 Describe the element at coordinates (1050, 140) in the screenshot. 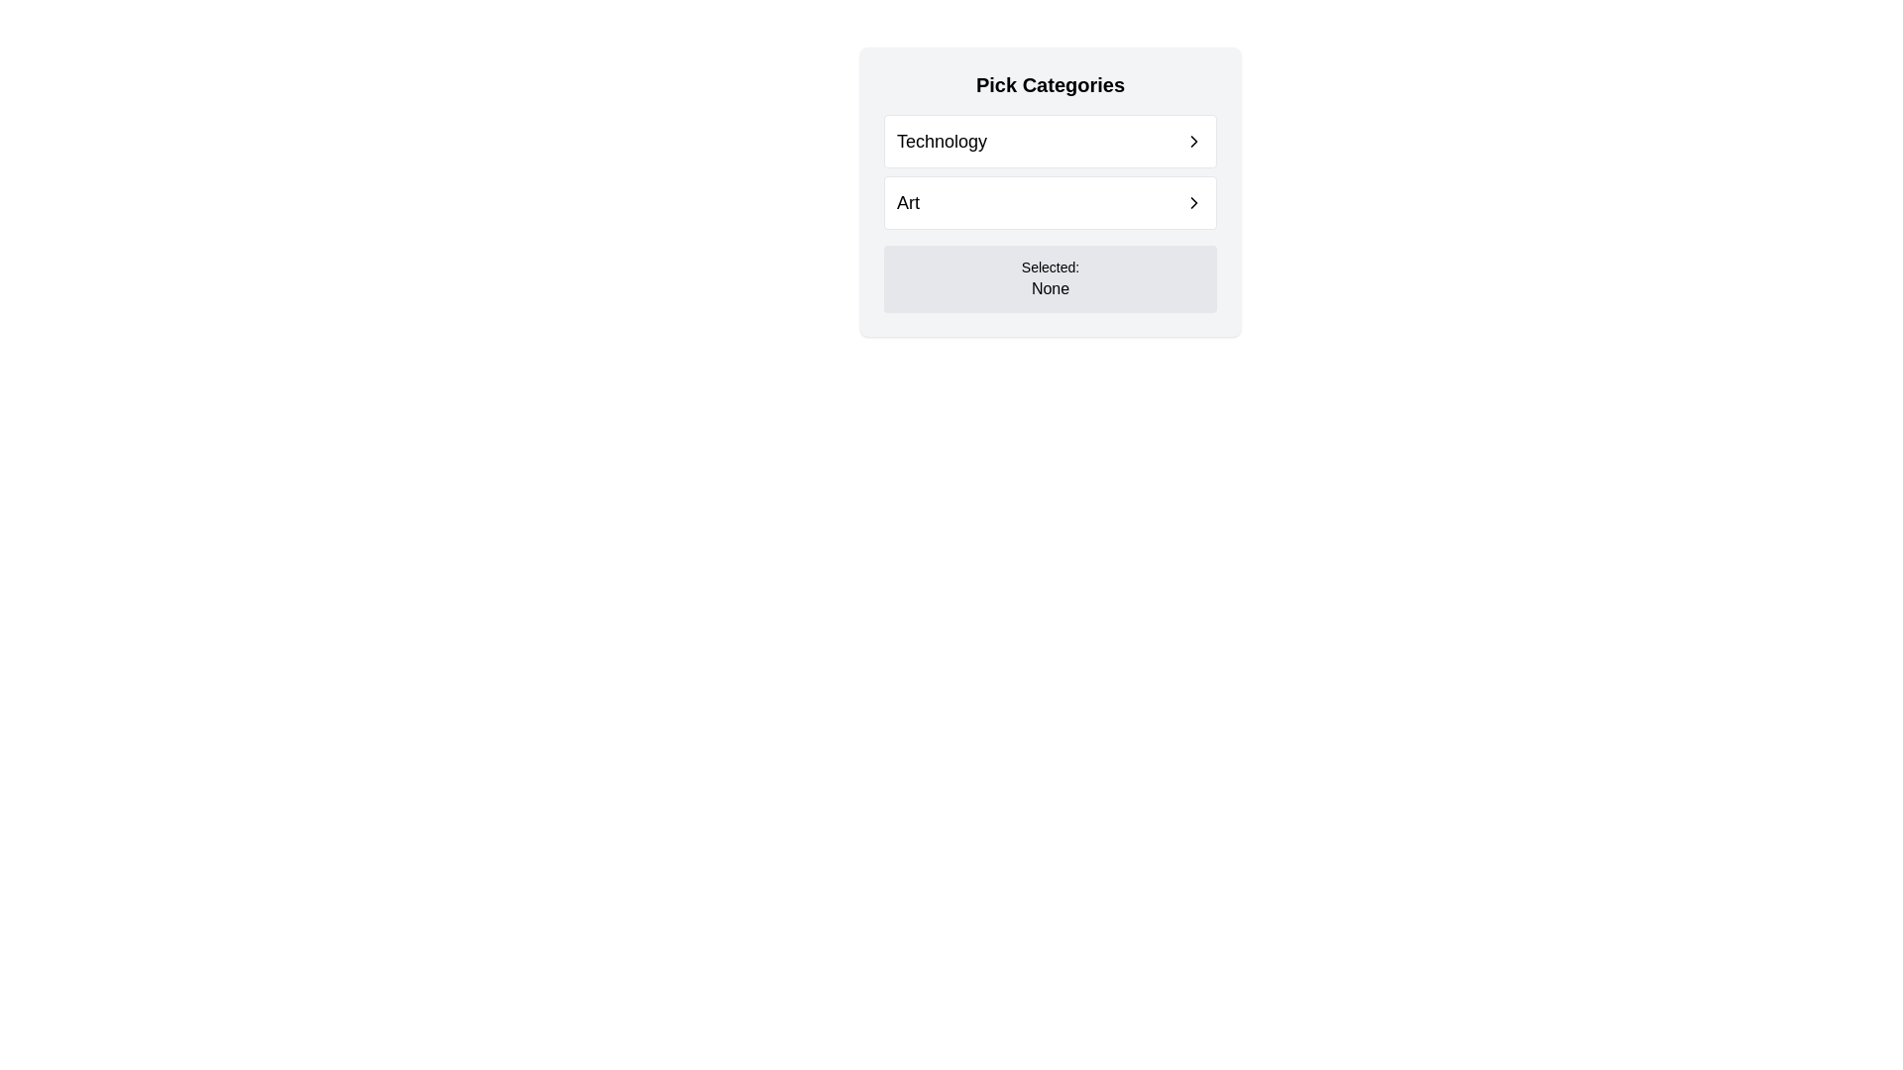

I see `the first selectable item labeled 'Technology' in the list` at that location.